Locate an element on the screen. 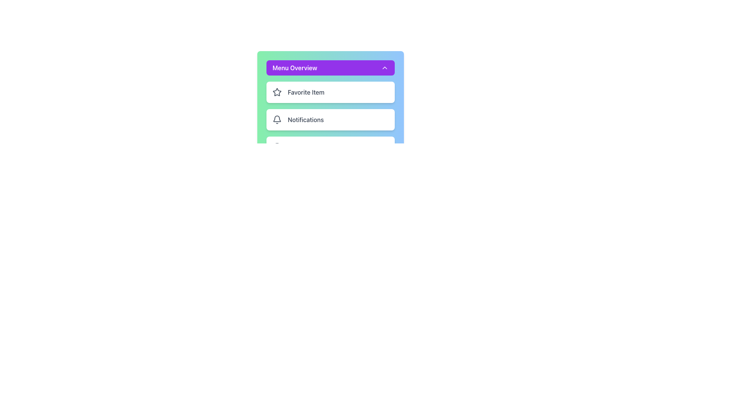 Image resolution: width=733 pixels, height=412 pixels. the second card in the notification menu is located at coordinates (330, 119).